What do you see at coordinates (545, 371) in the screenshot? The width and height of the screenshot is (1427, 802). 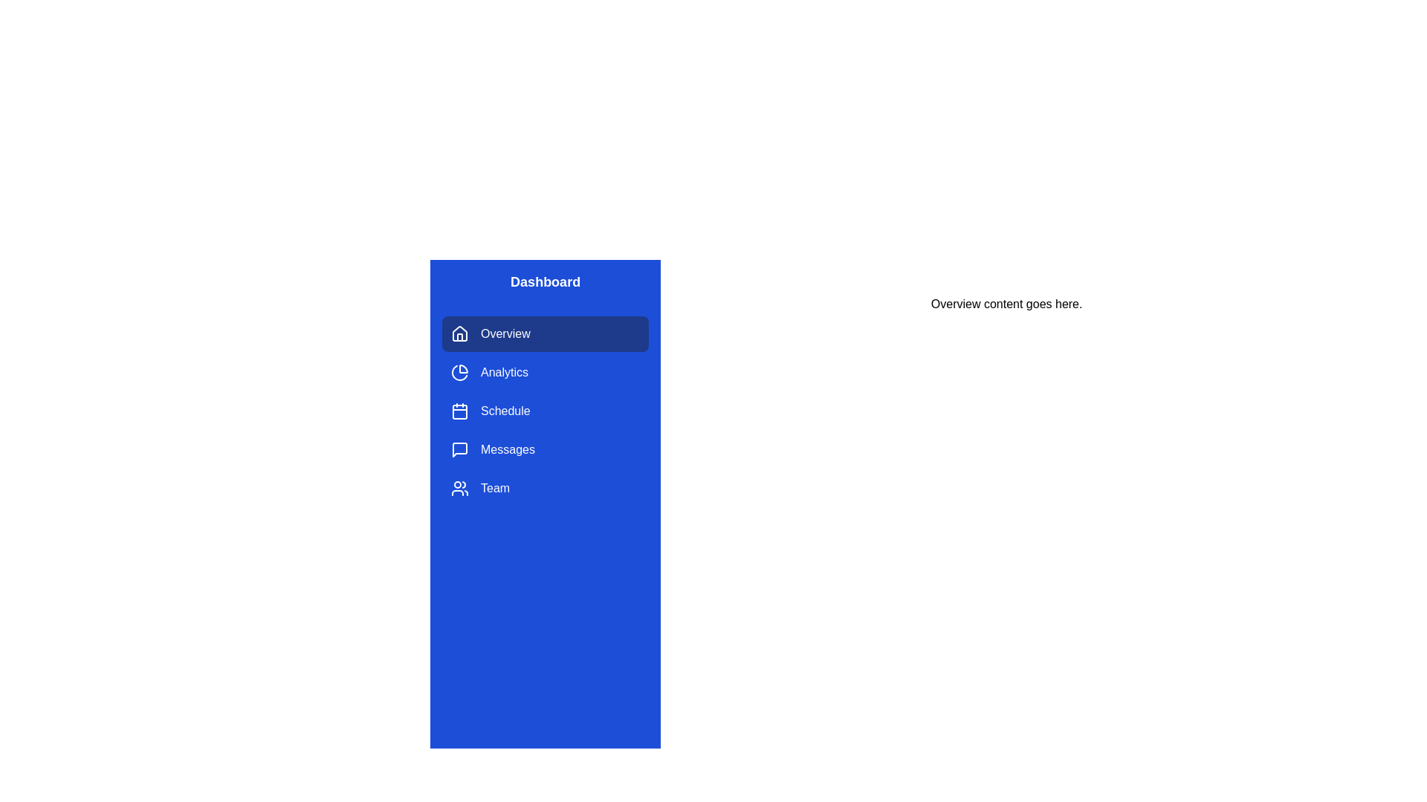 I see `the navigation button that redirects to the 'Analytics' section, located in the second position of the left sidebar menu, below 'Overview' and above 'Schedule'` at bounding box center [545, 371].